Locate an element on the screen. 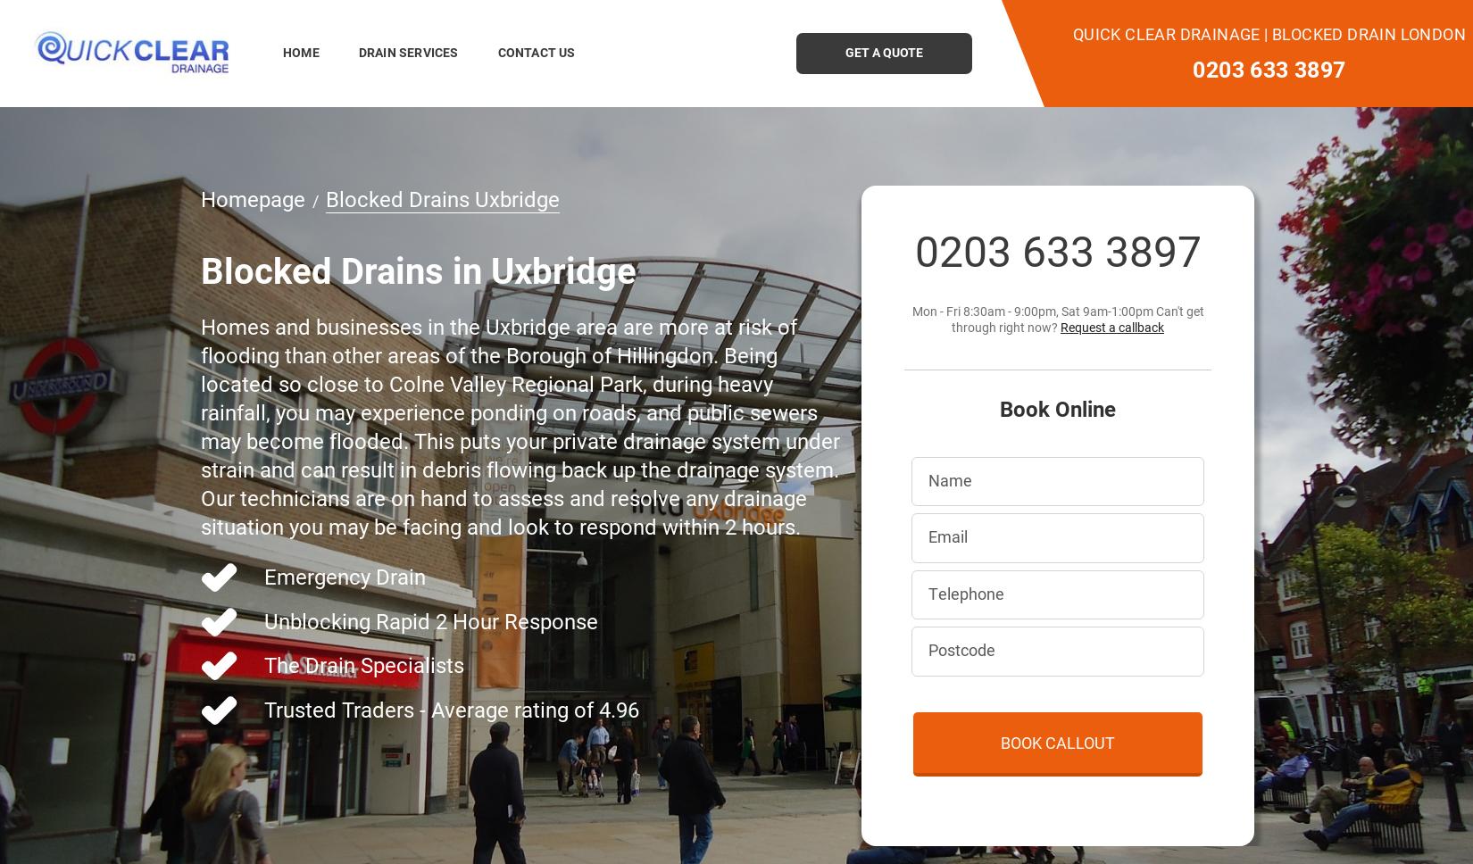 This screenshot has width=1473, height=864. '/' is located at coordinates (312, 199).